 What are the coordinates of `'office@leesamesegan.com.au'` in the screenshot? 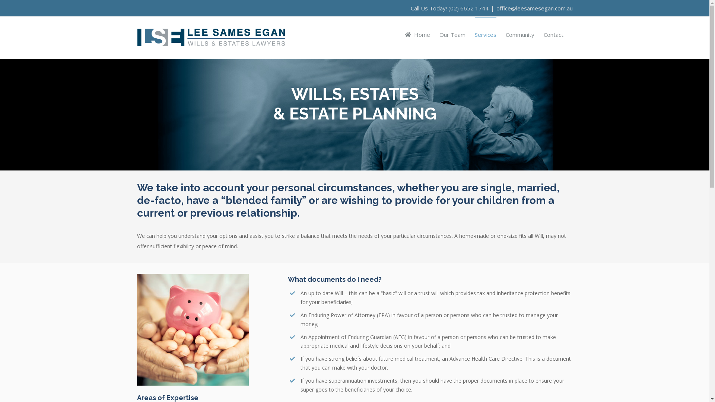 It's located at (534, 8).